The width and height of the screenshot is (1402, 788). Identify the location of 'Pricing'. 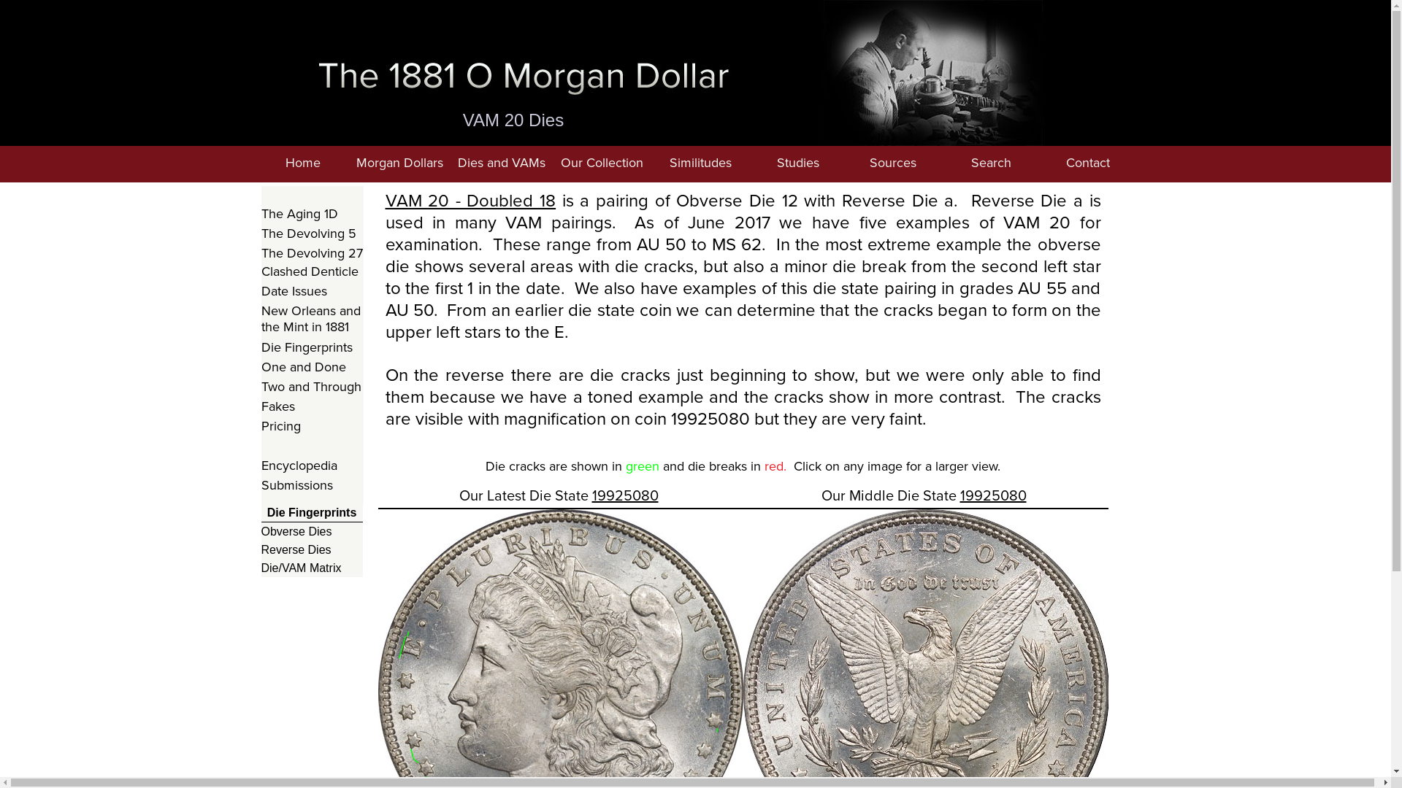
(311, 426).